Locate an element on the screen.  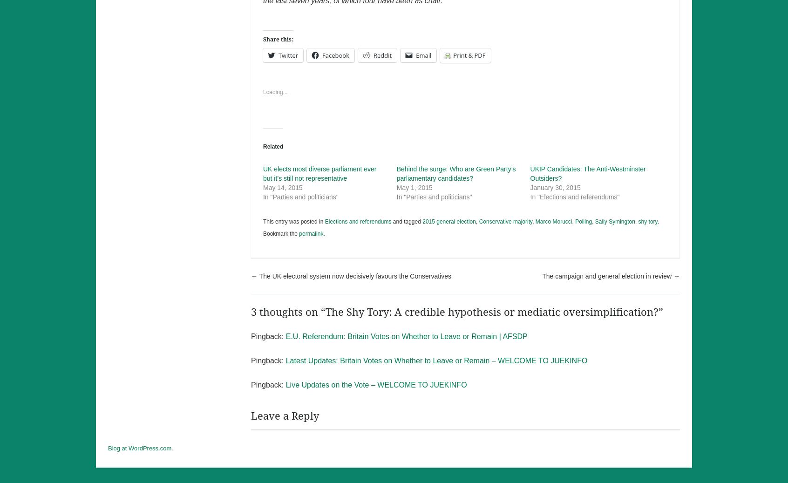
'and tagged' is located at coordinates (406, 221).